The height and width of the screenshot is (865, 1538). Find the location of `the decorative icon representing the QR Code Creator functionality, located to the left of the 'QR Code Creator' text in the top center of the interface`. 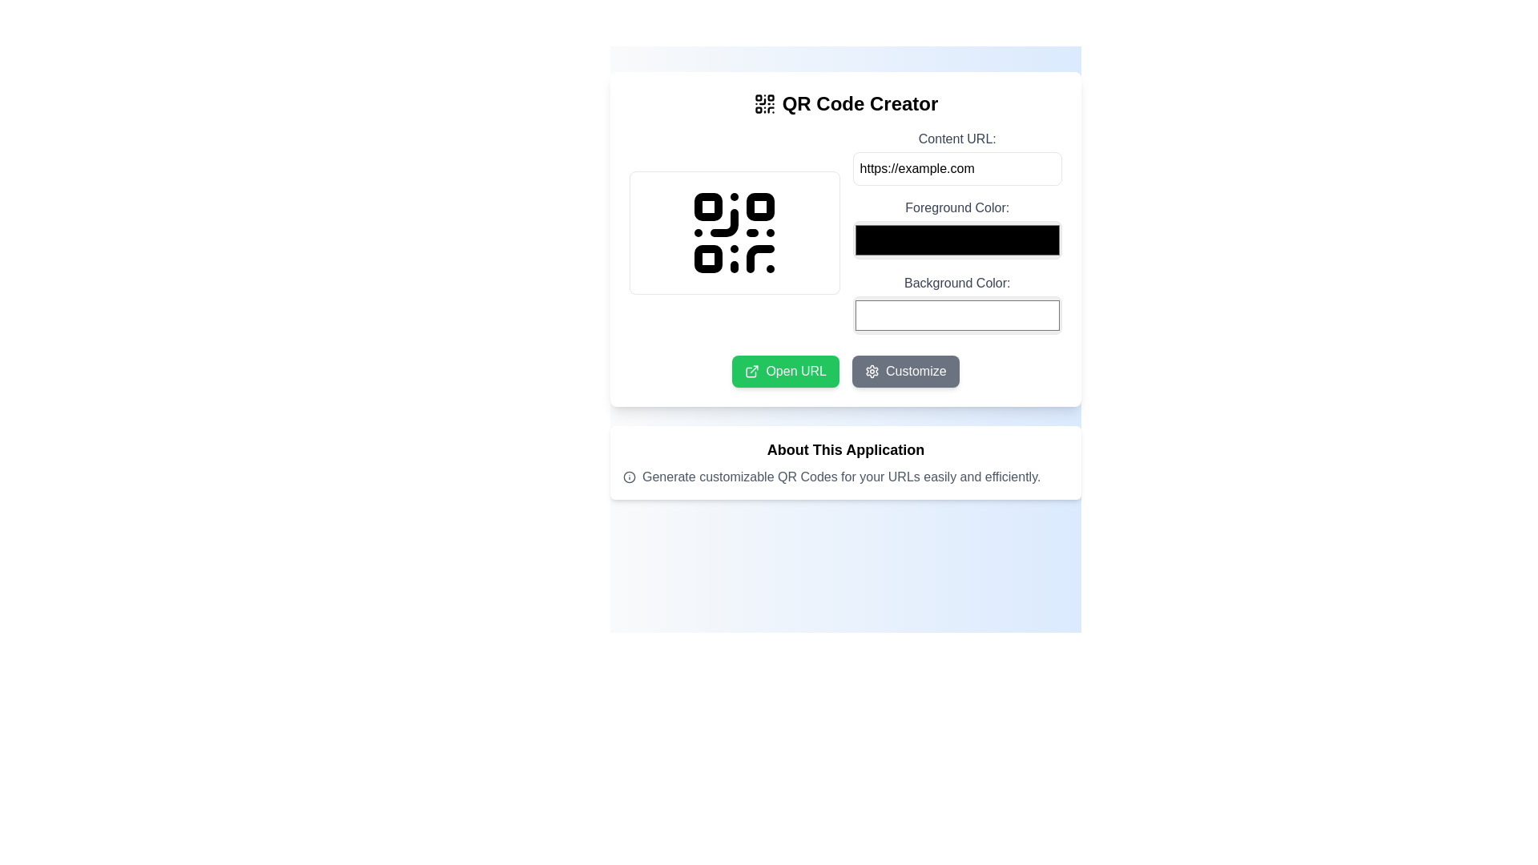

the decorative icon representing the QR Code Creator functionality, located to the left of the 'QR Code Creator' text in the top center of the interface is located at coordinates (763, 104).